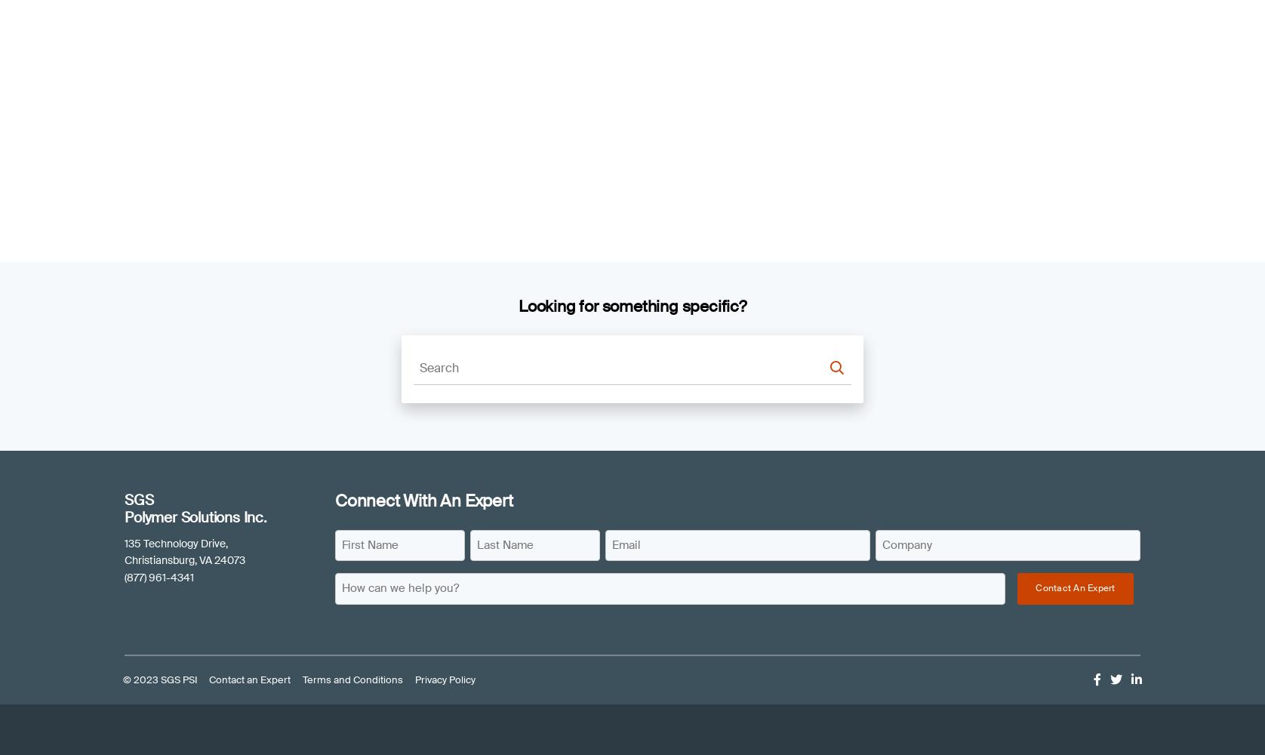  What do you see at coordinates (1075, 588) in the screenshot?
I see `'Contact An Expert'` at bounding box center [1075, 588].